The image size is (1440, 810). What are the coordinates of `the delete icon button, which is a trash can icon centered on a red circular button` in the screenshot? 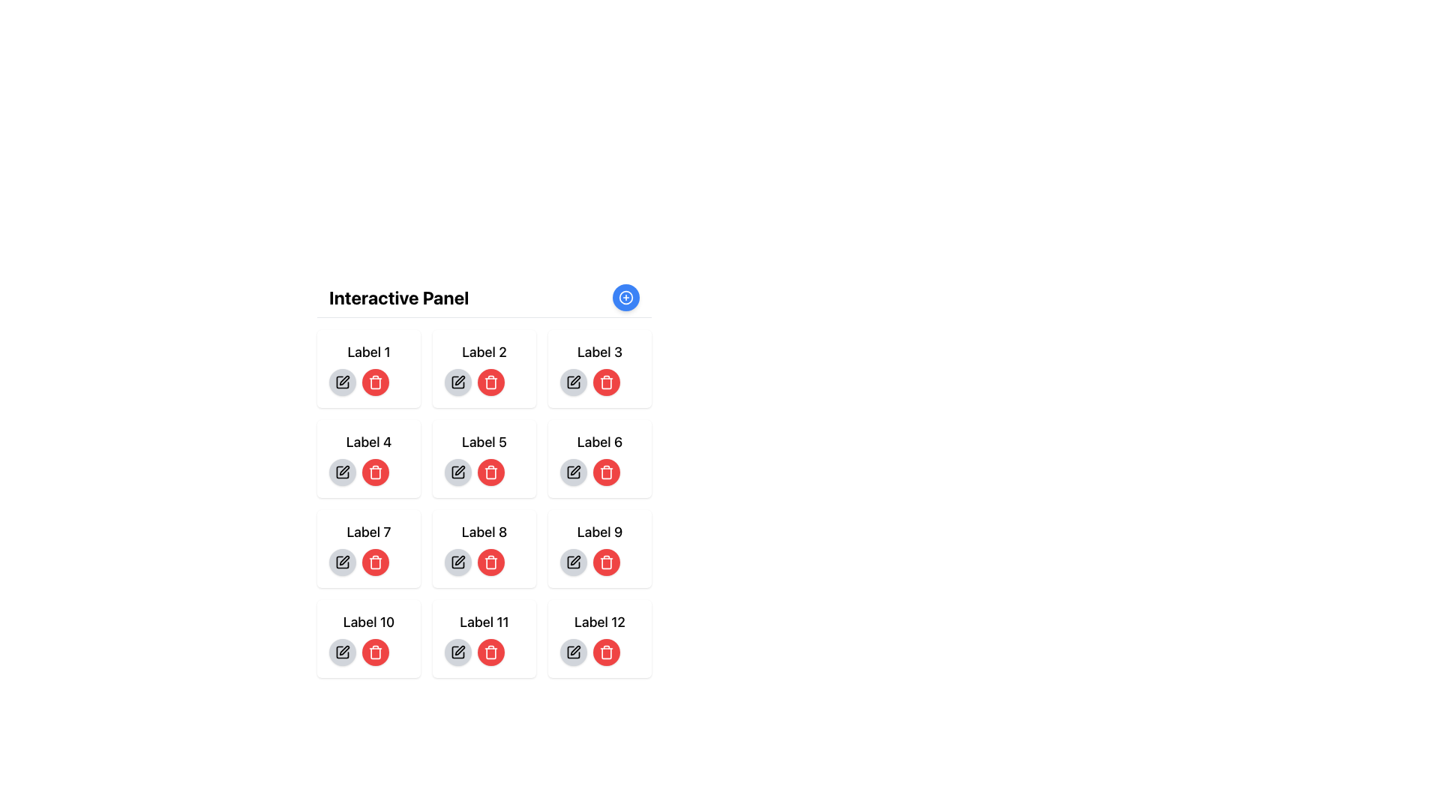 It's located at (607, 562).